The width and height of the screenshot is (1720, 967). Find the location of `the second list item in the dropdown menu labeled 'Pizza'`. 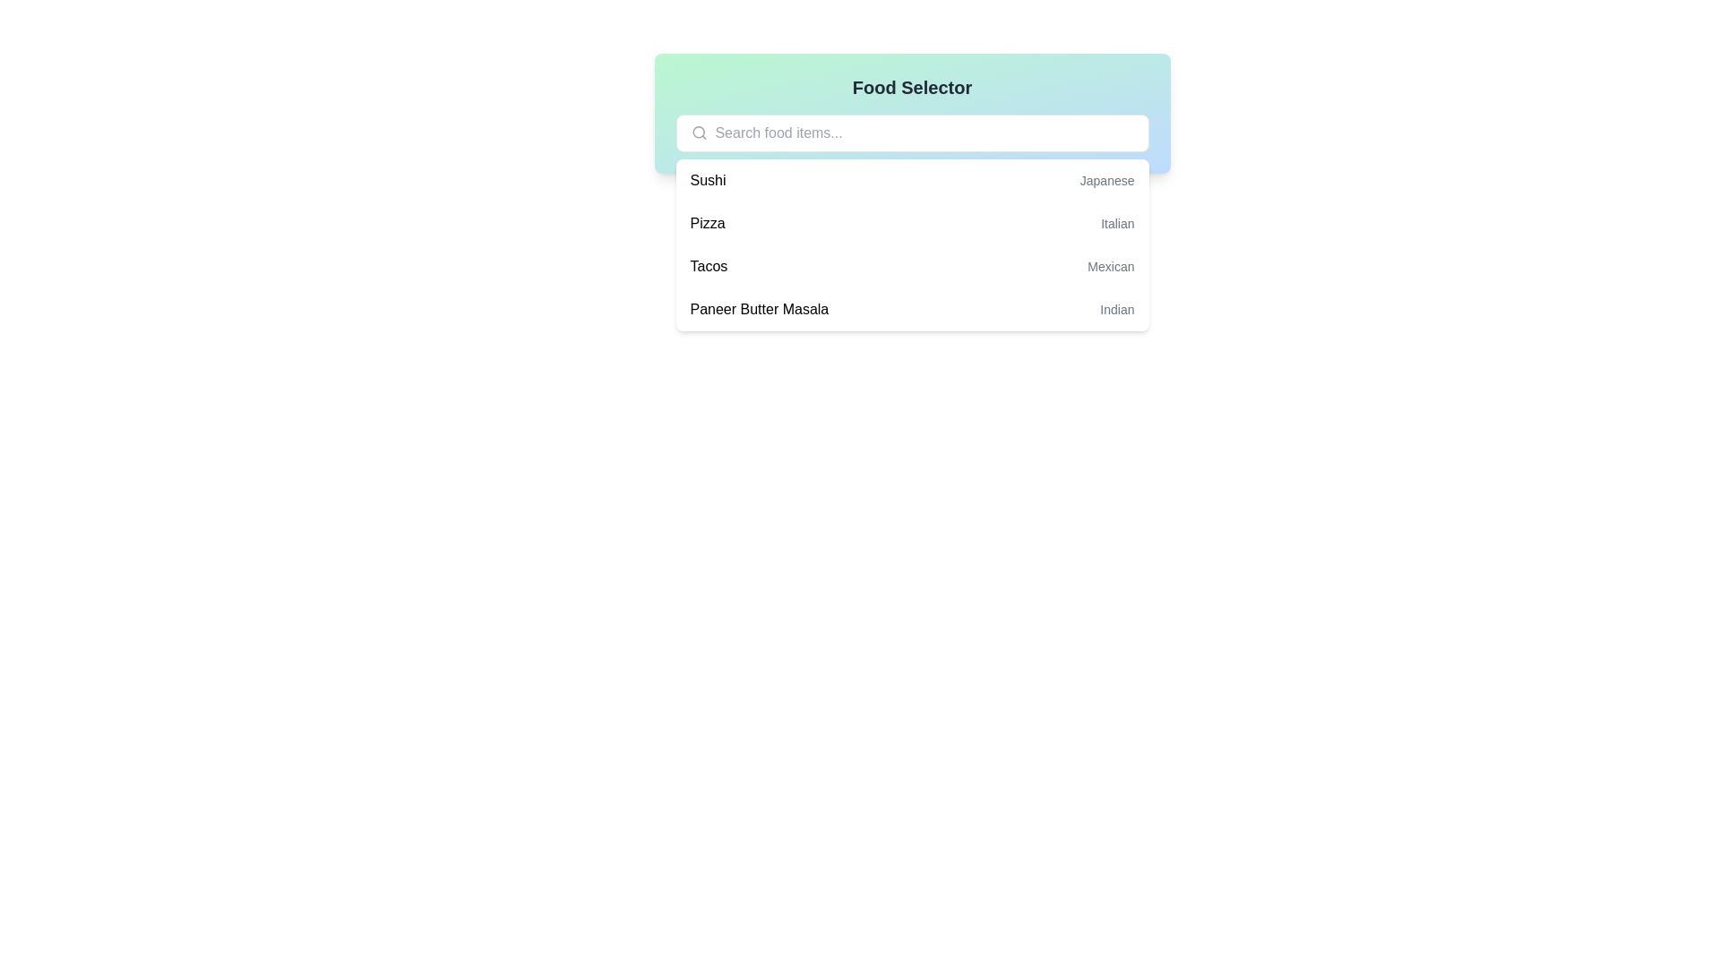

the second list item in the dropdown menu labeled 'Pizza' is located at coordinates (912, 223).